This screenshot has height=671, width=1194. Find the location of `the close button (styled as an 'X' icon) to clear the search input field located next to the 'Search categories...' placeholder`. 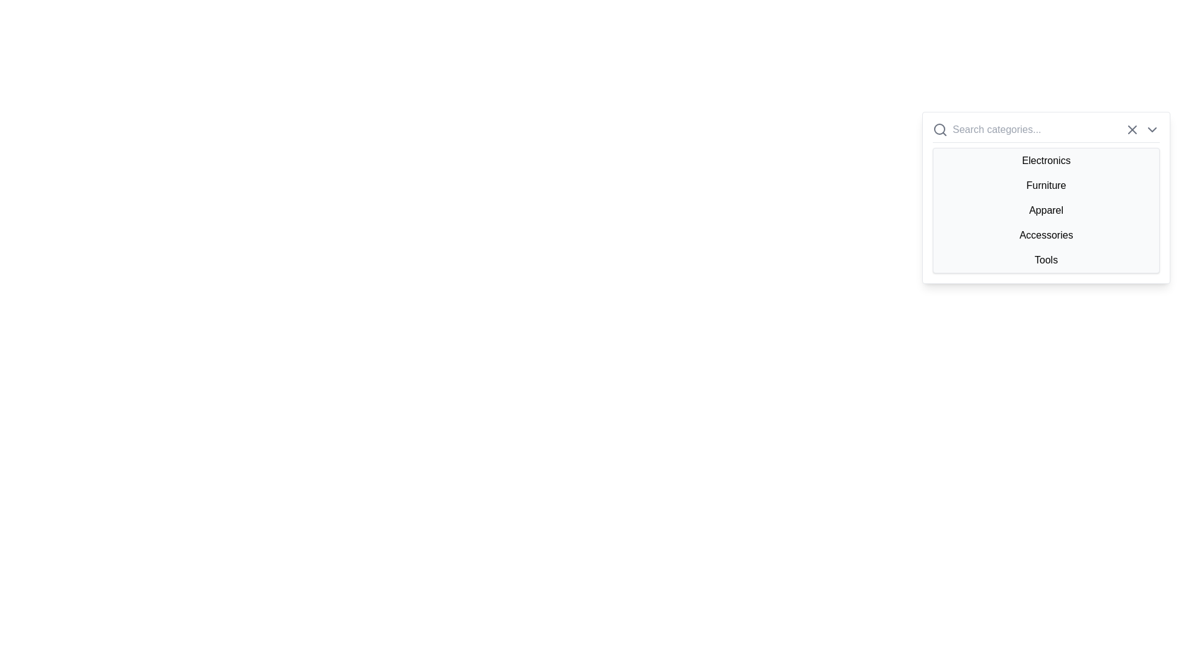

the close button (styled as an 'X' icon) to clear the search input field located next to the 'Search categories...' placeholder is located at coordinates (1132, 129).